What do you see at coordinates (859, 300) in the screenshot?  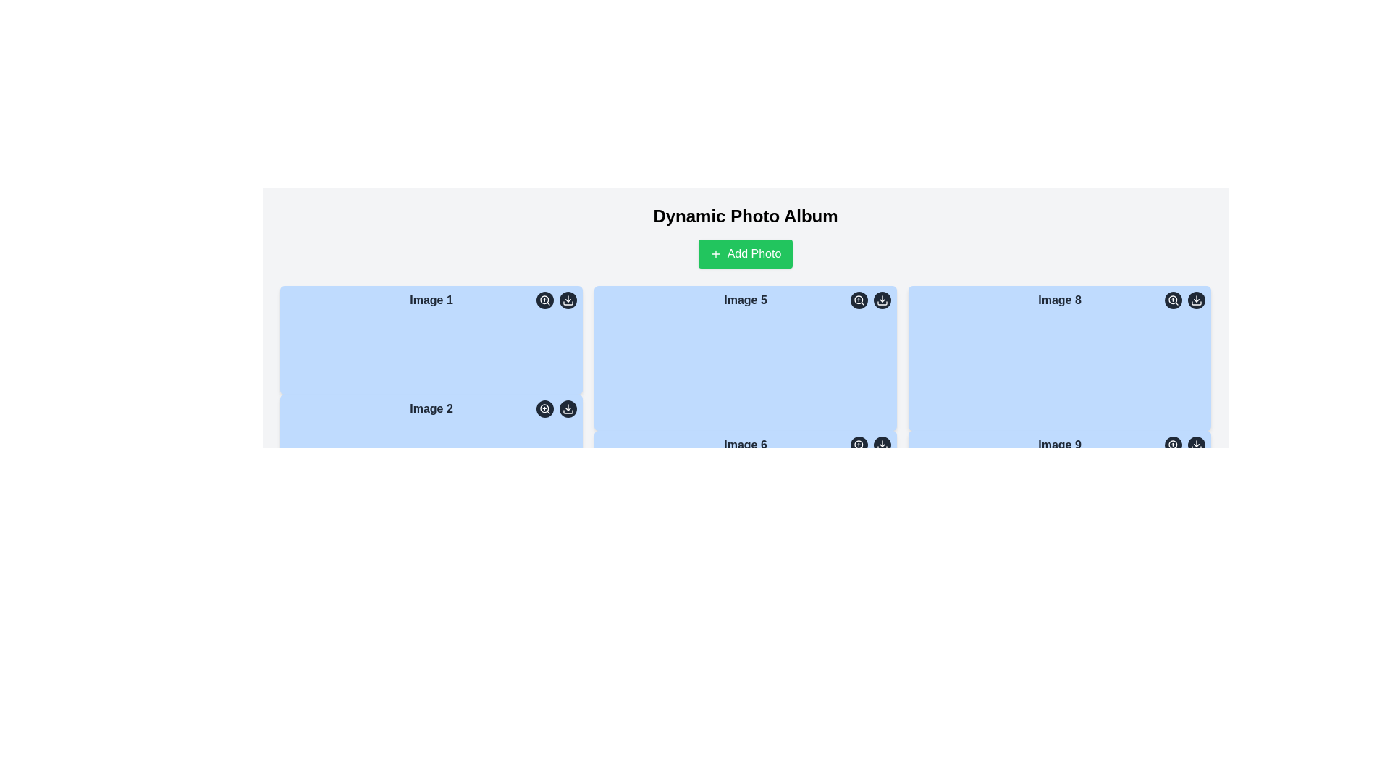 I see `the magnifying glass icon button with a plus symbol inside, located in the top-right corner of 'Image 5'` at bounding box center [859, 300].